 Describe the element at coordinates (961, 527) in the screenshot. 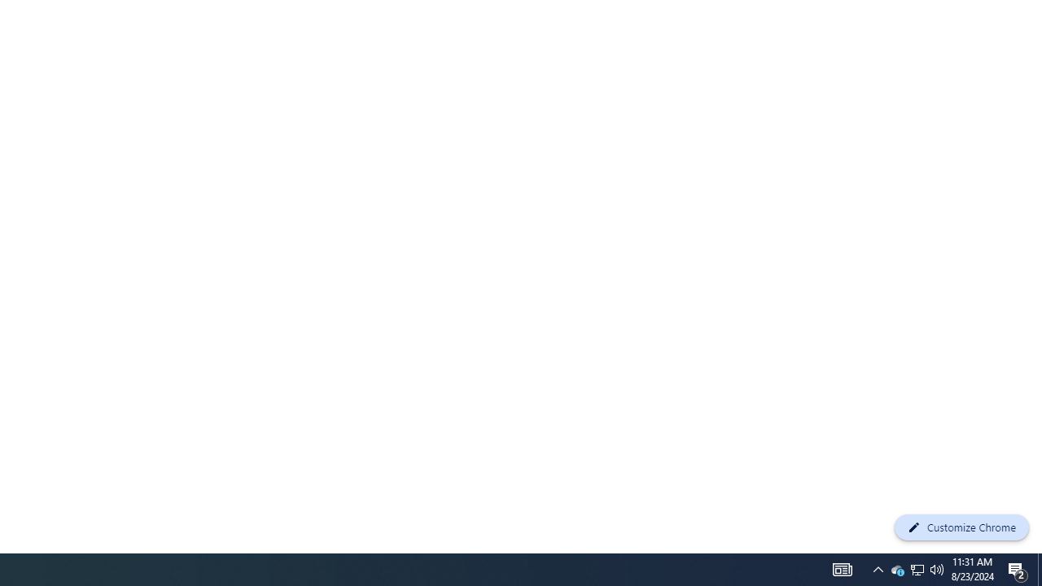

I see `'Customize Chrome'` at that location.